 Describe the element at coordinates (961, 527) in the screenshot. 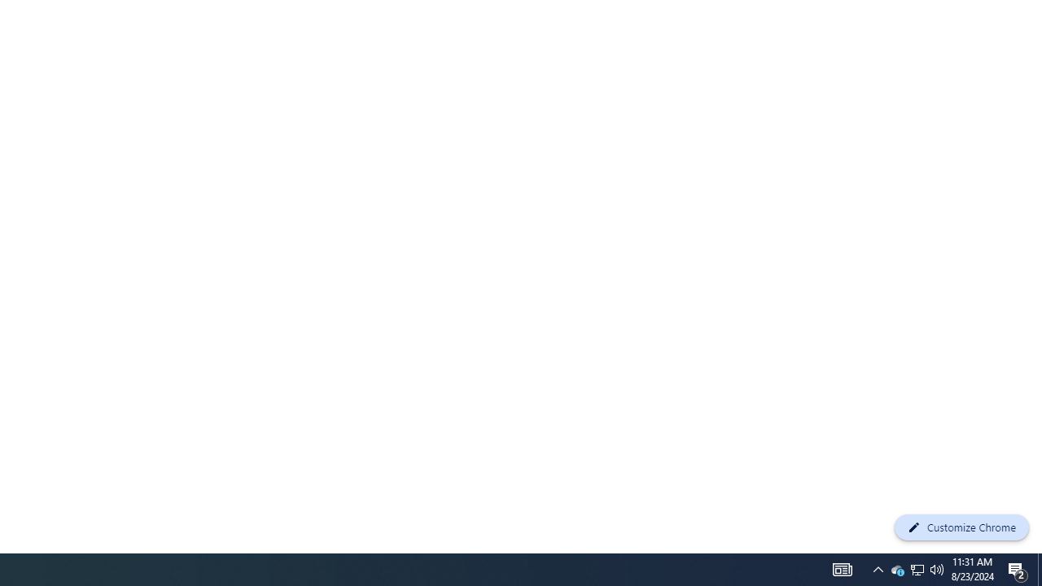

I see `'Customize Chrome'` at that location.